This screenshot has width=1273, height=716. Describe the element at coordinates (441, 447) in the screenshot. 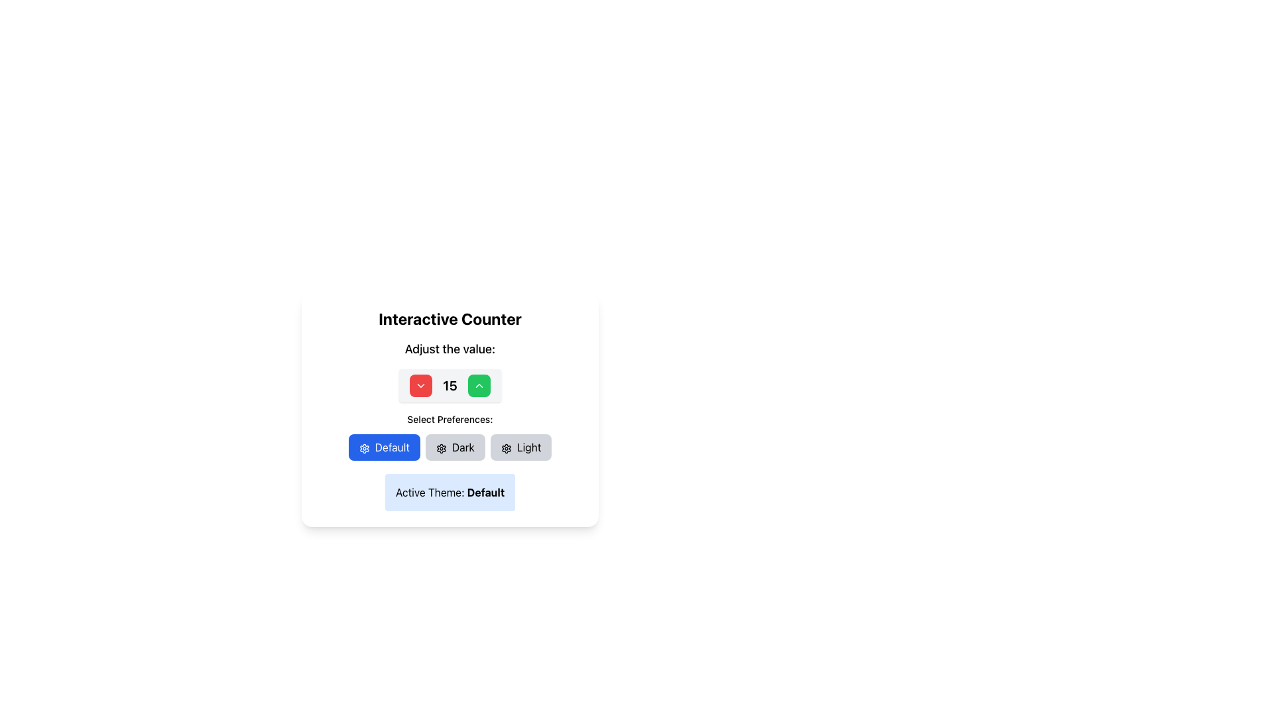

I see `the settings icon, which is a 16x16 SVG gear outline located at the bottom-center of the layout` at that location.